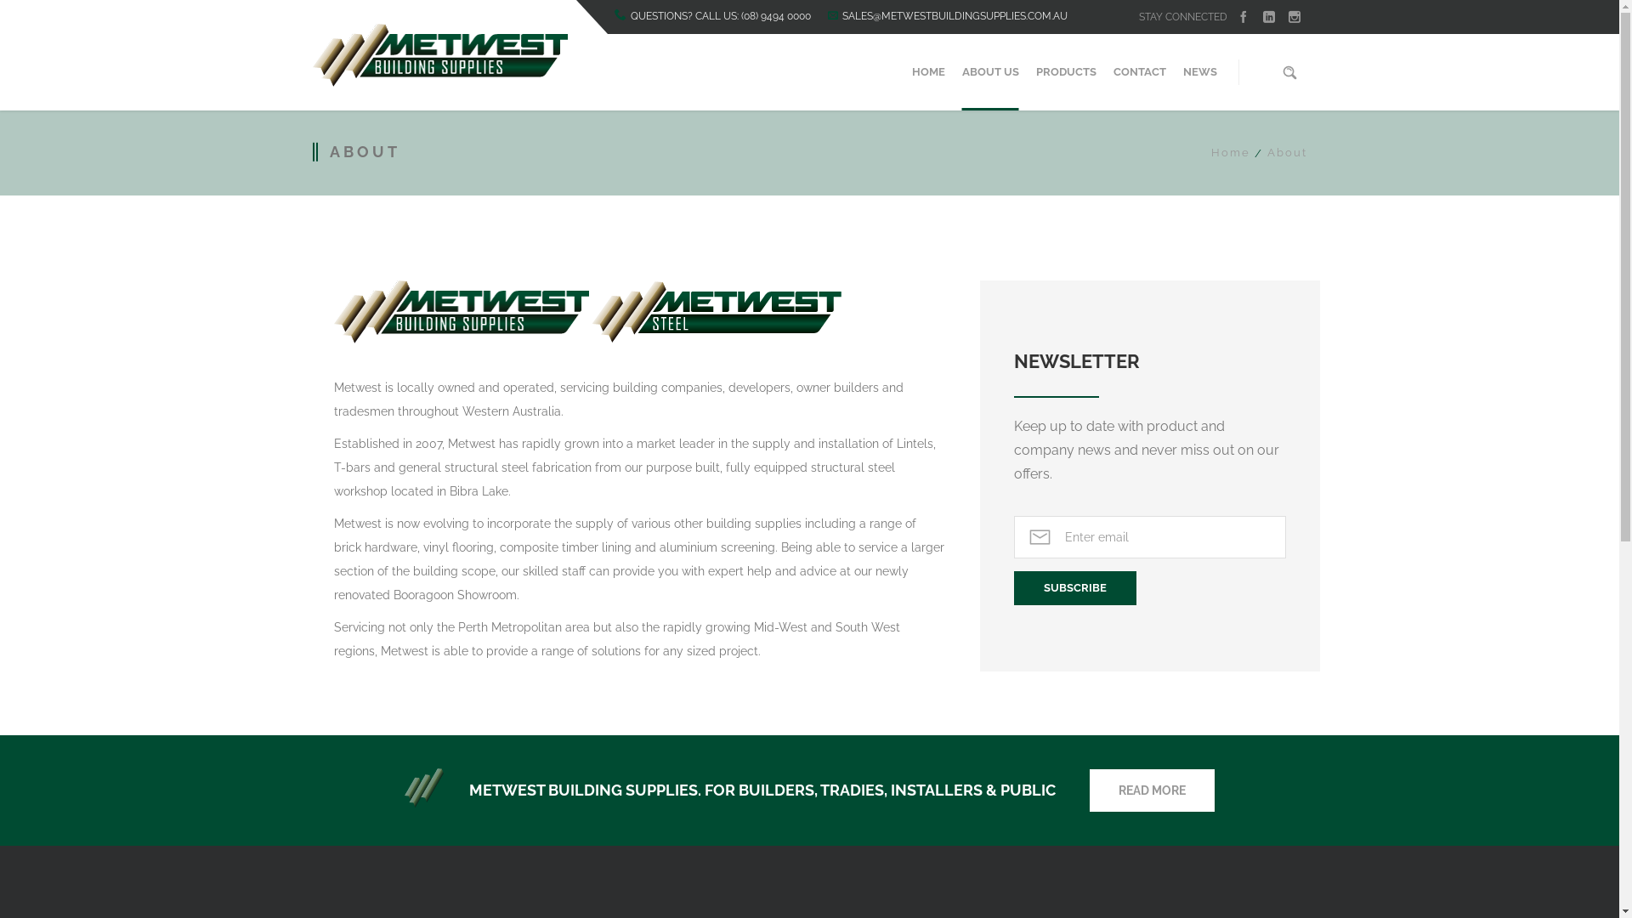 The image size is (1632, 918). I want to click on 'CONTACT', so click(1139, 71).